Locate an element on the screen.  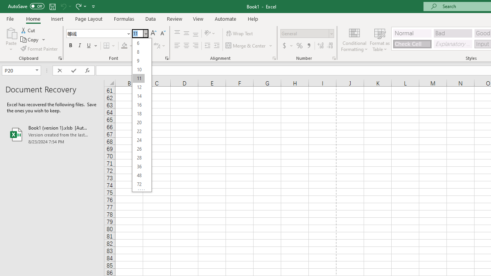
'Insert' is located at coordinates (57, 18).